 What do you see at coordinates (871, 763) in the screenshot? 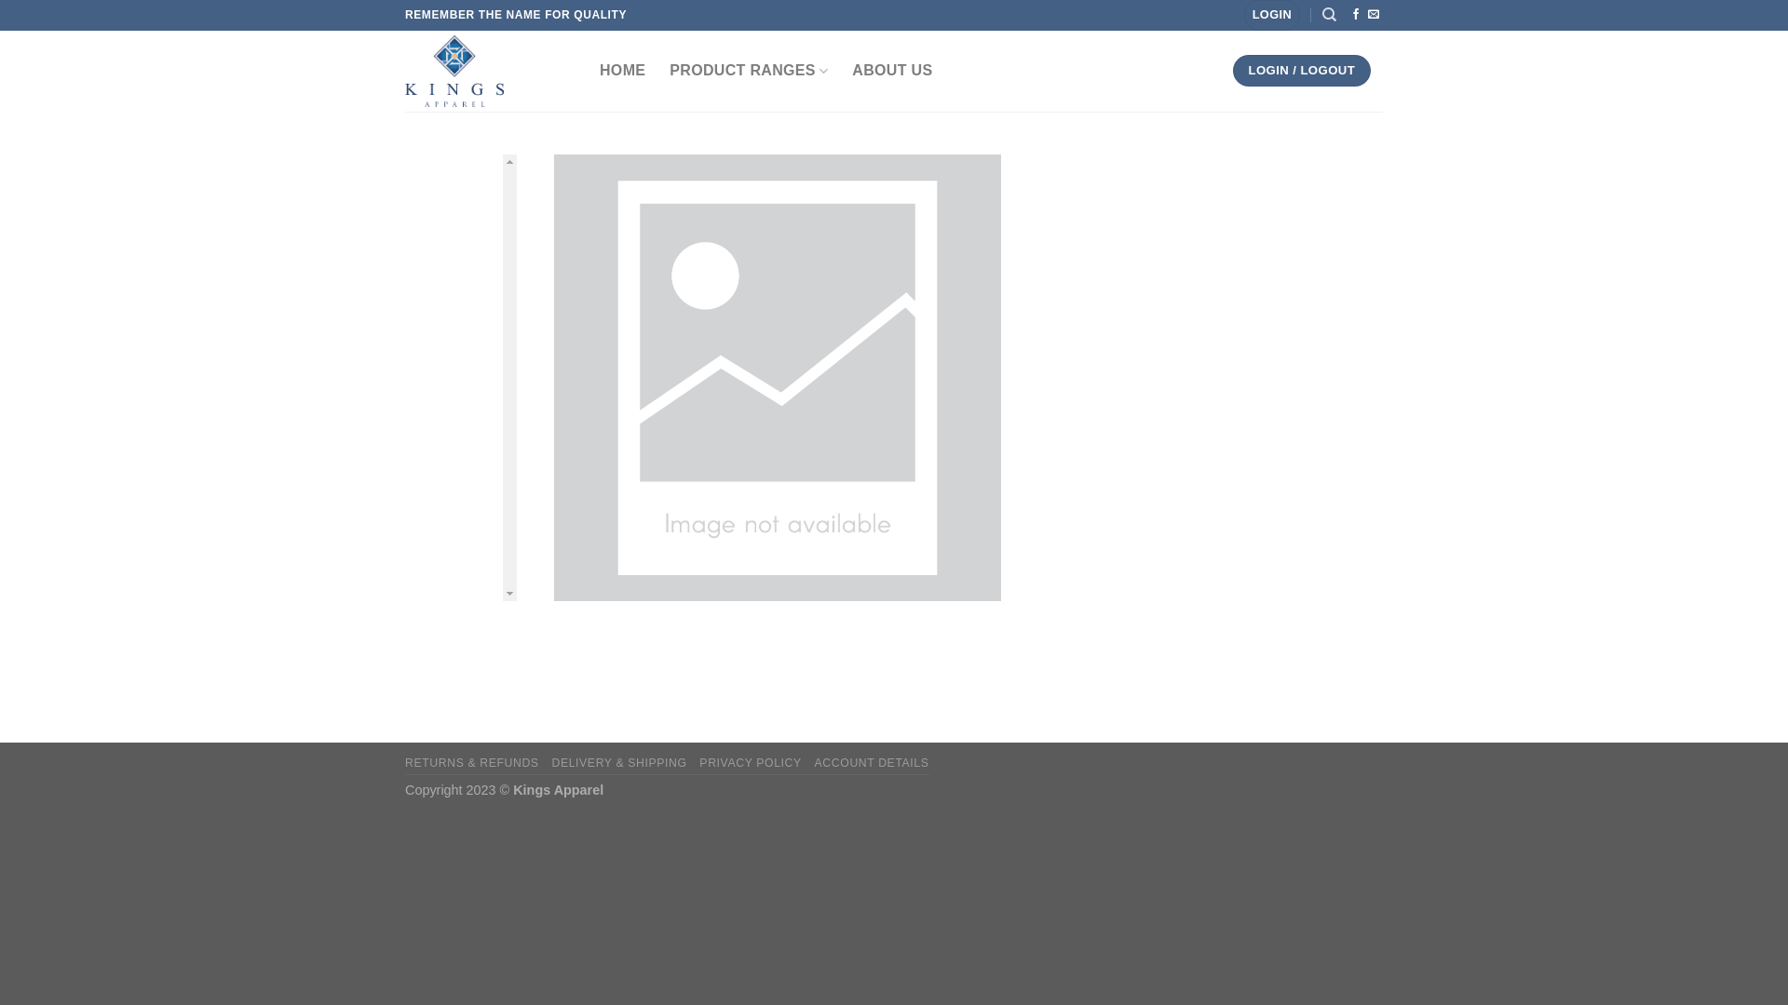
I see `'ACCOUNT DETAILS'` at bounding box center [871, 763].